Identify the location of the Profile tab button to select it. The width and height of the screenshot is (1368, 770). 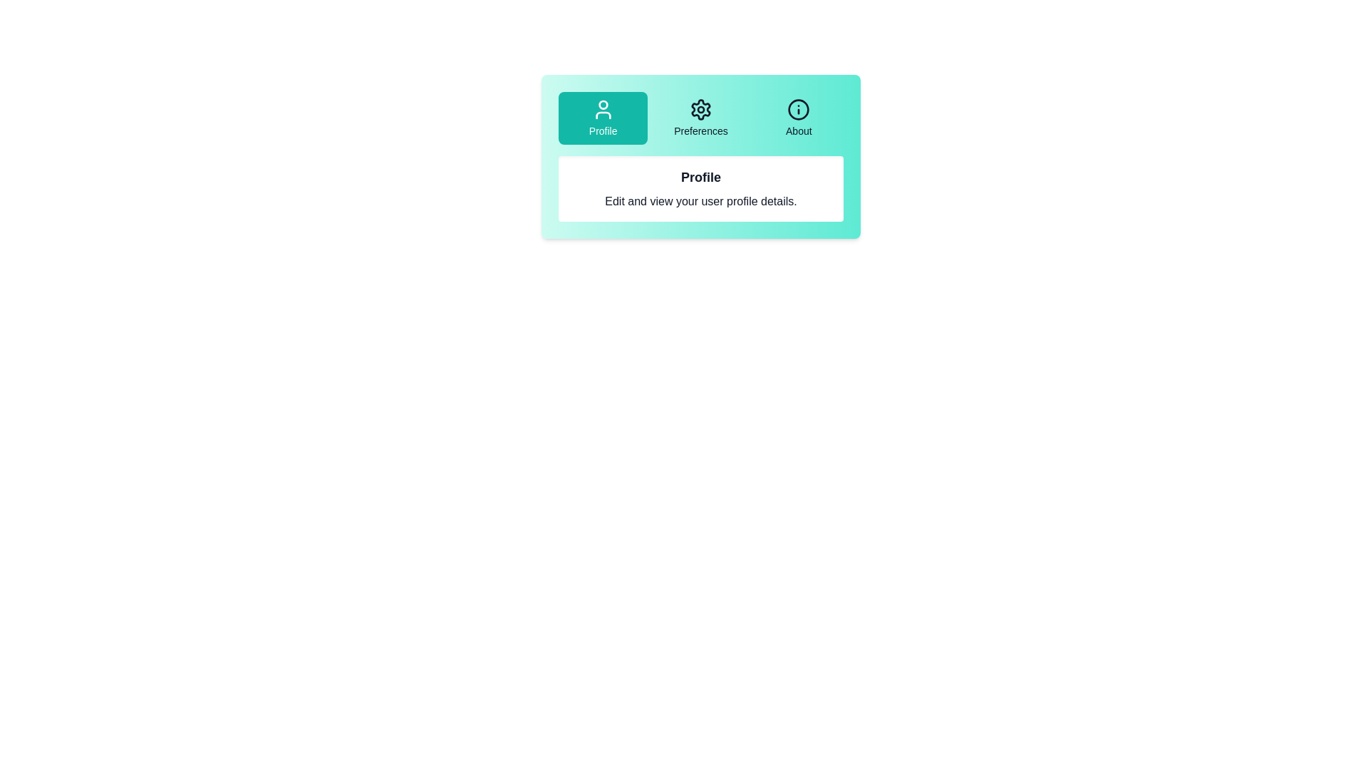
(603, 117).